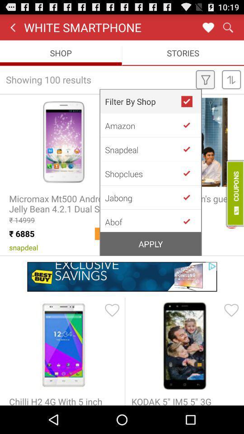 Image resolution: width=244 pixels, height=434 pixels. What do you see at coordinates (190, 101) in the screenshot?
I see `a clickable box that shows a checkmark in red when you filter a search request` at bounding box center [190, 101].